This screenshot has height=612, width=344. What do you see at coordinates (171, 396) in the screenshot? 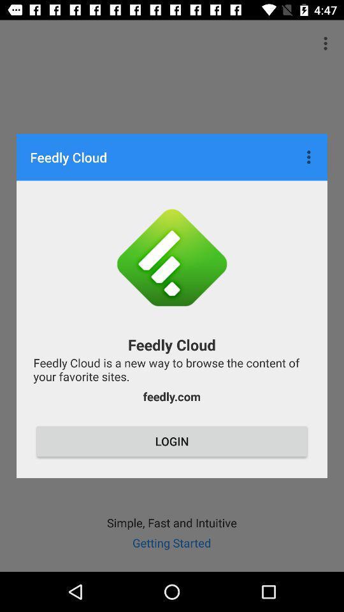
I see `icon above login item` at bounding box center [171, 396].